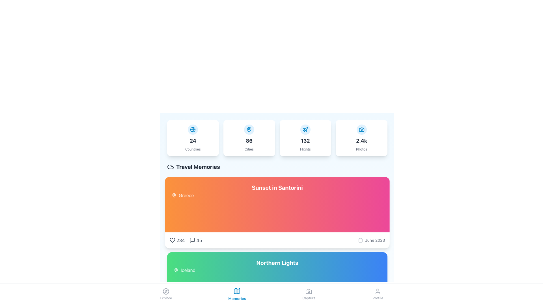  I want to click on the circular compass icon located in the bottom navigation bar at the center of the 'Explore' tab, so click(165, 291).